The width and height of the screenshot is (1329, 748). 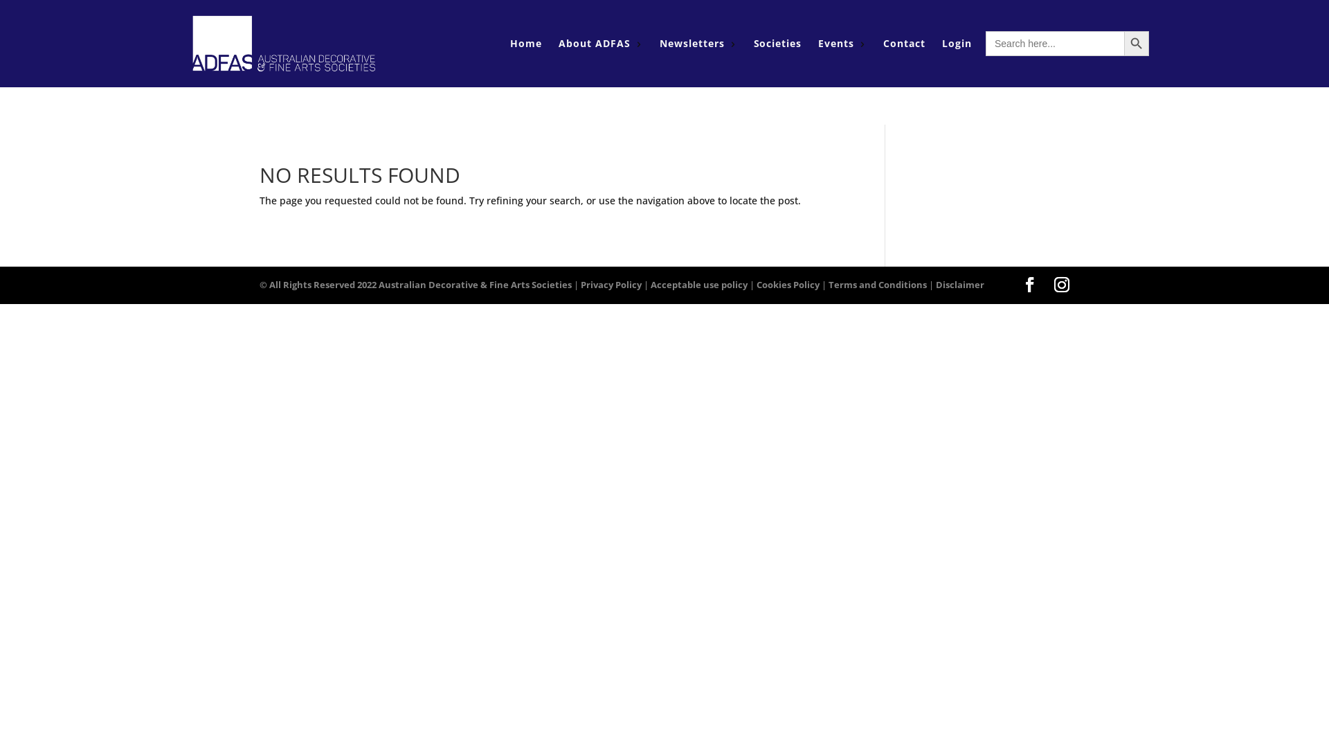 What do you see at coordinates (788, 284) in the screenshot?
I see `'Cookies Policy'` at bounding box center [788, 284].